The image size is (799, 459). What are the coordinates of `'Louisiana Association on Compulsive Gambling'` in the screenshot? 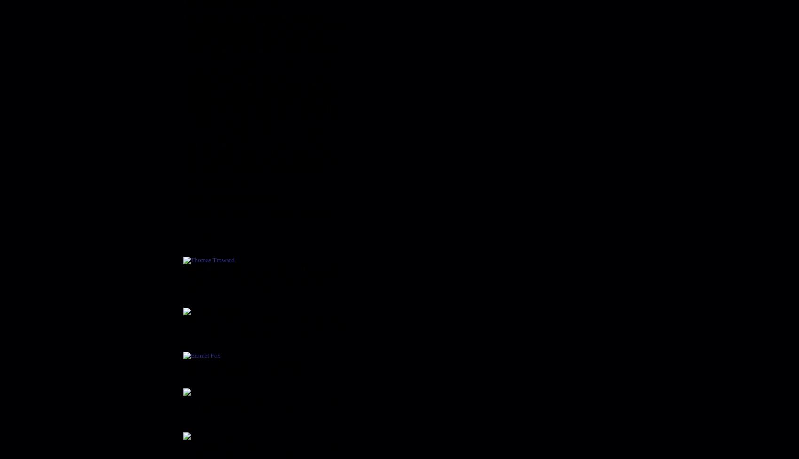 It's located at (182, 213).